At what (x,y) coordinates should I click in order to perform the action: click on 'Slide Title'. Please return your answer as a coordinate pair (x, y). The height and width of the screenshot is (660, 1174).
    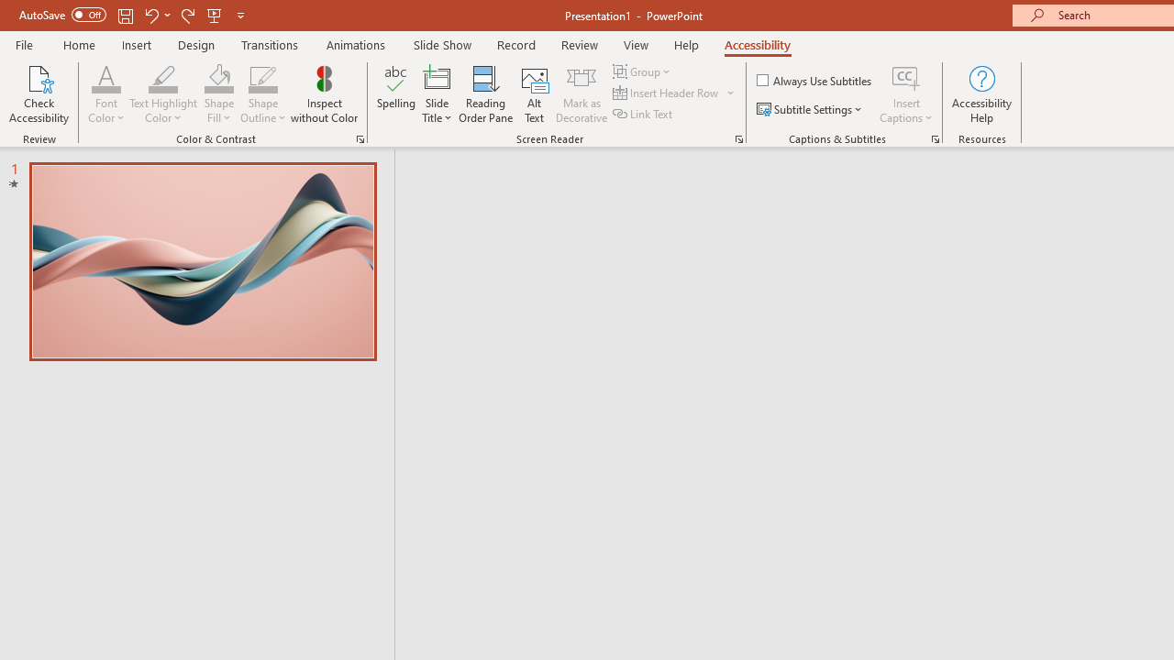
    Looking at the image, I should click on (436, 94).